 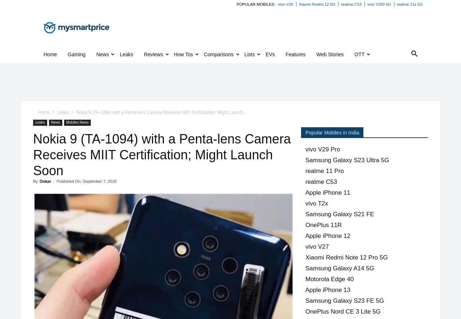 What do you see at coordinates (332, 132) in the screenshot?
I see `'Popular Mobiles in India'` at bounding box center [332, 132].